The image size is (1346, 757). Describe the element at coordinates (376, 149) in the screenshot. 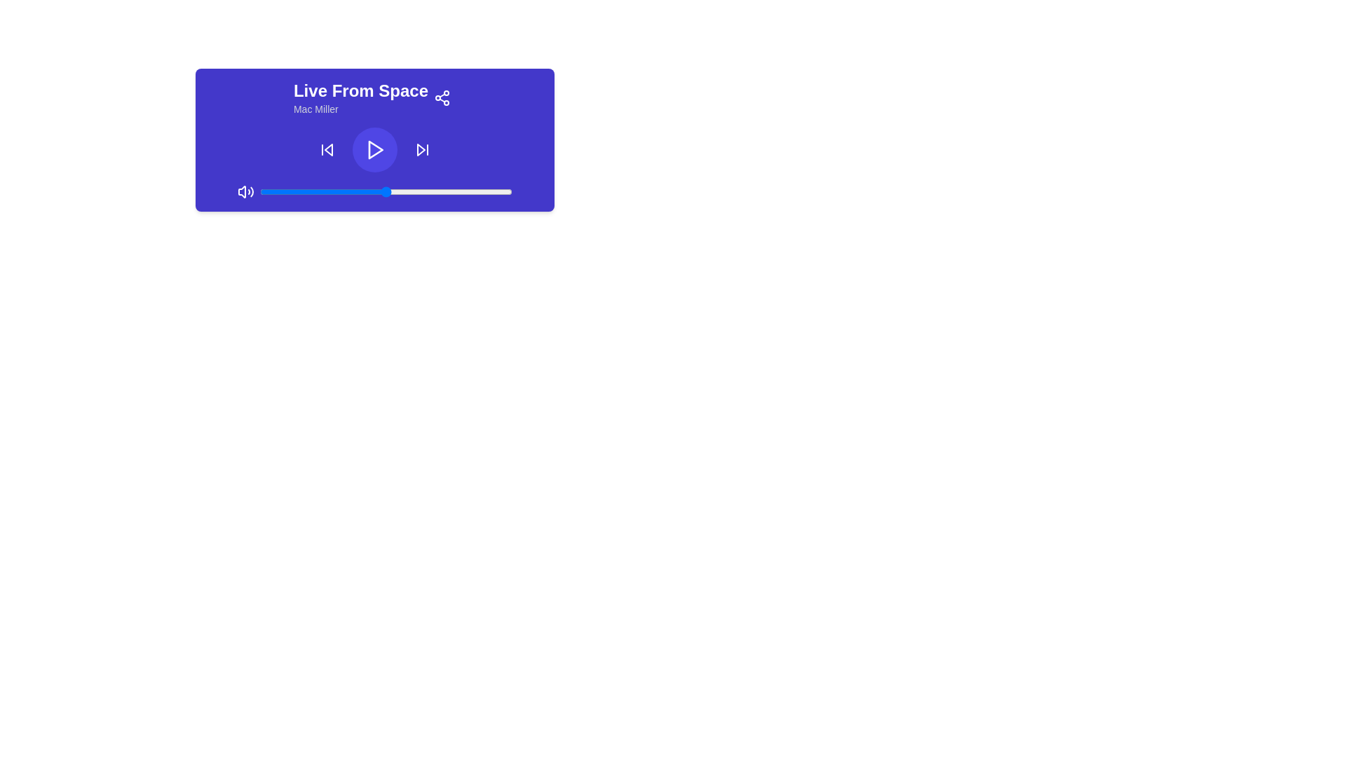

I see `the play button icon located at the center of the circular shape in the music player interface to initiate or resume playback` at that location.